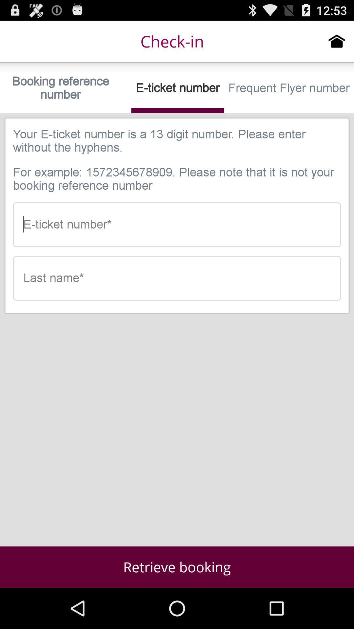  Describe the element at coordinates (177, 567) in the screenshot. I see `retrieve booking item` at that location.